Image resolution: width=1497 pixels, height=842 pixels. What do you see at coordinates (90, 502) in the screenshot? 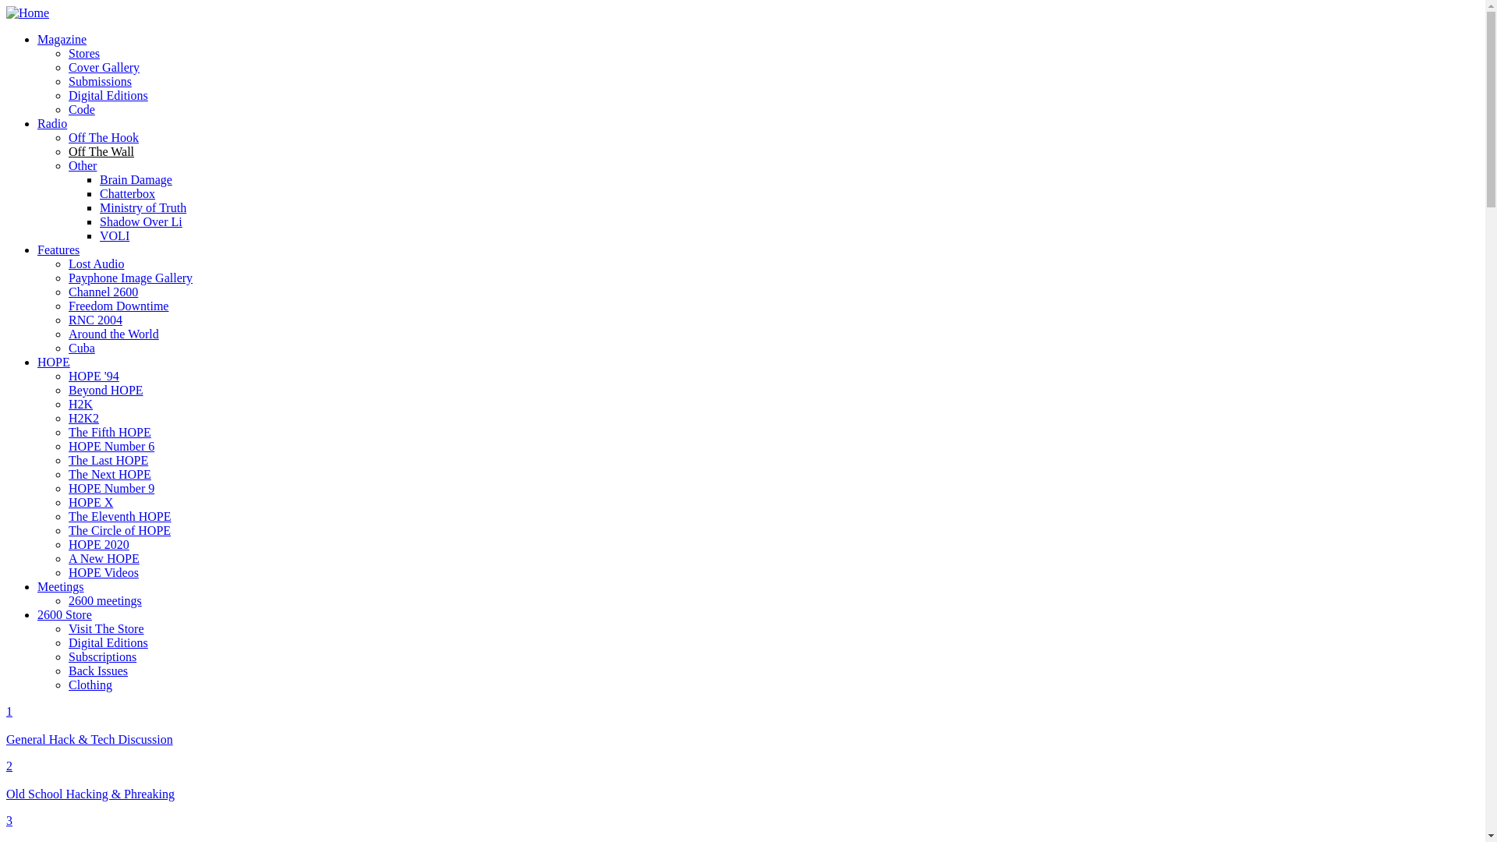
I see `'HOPE X'` at bounding box center [90, 502].